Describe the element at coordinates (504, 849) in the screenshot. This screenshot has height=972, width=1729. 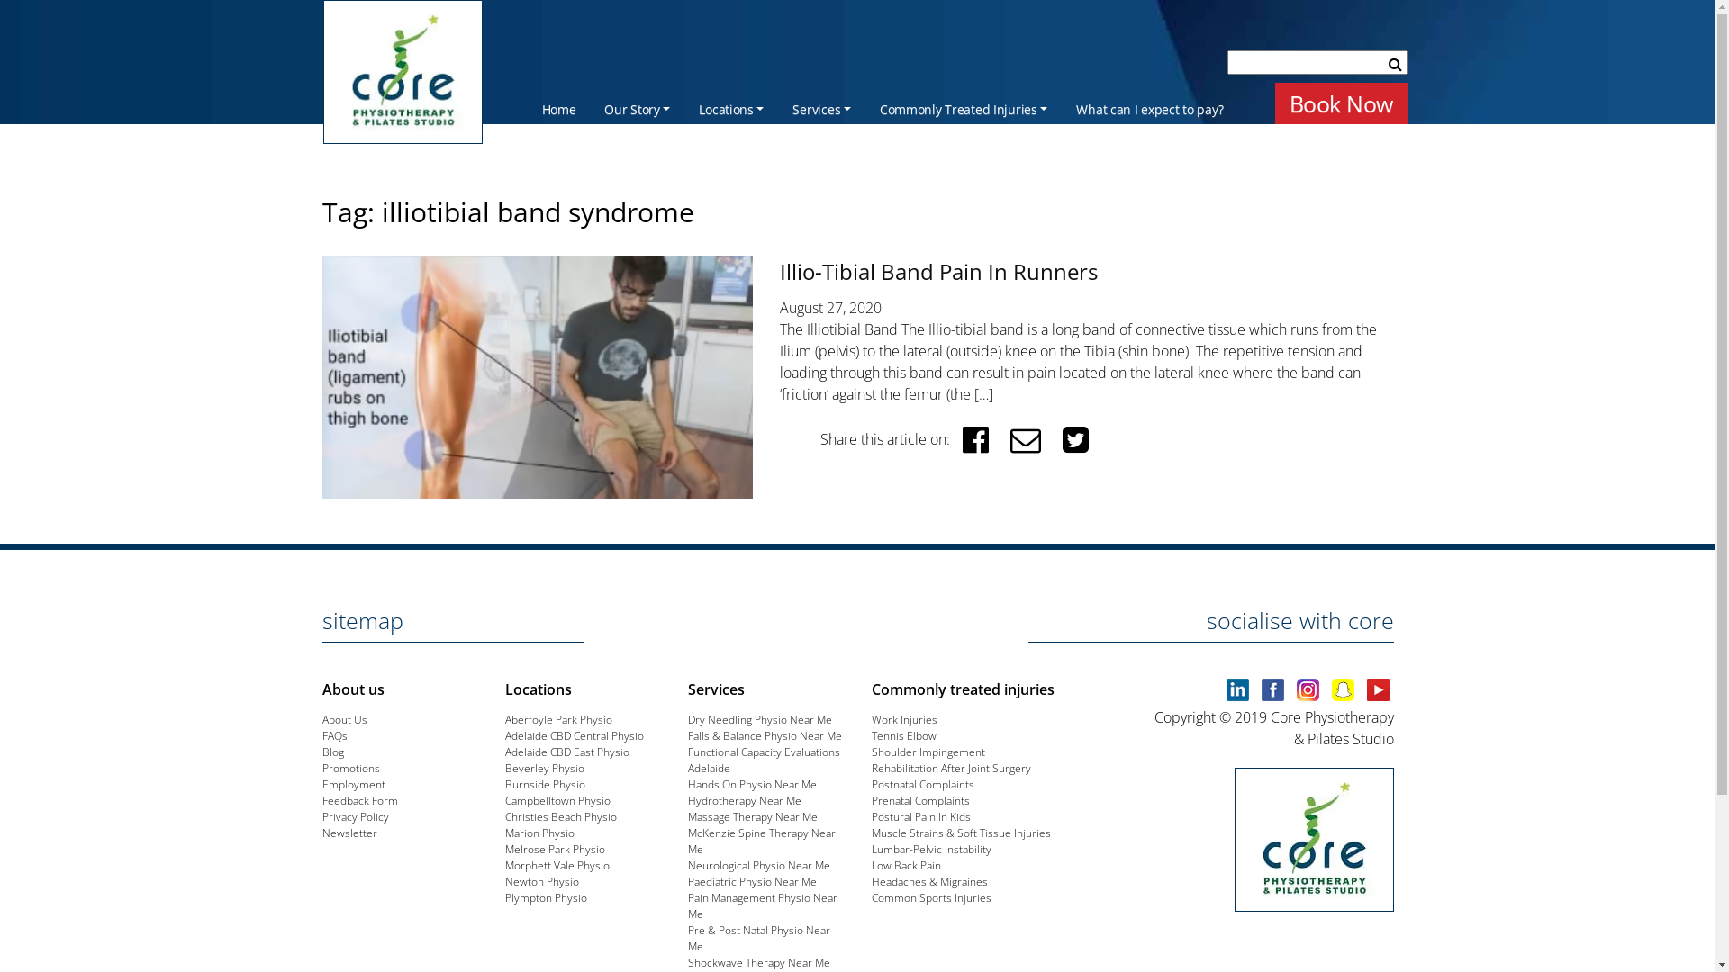
I see `'Melrose Park Physio'` at that location.